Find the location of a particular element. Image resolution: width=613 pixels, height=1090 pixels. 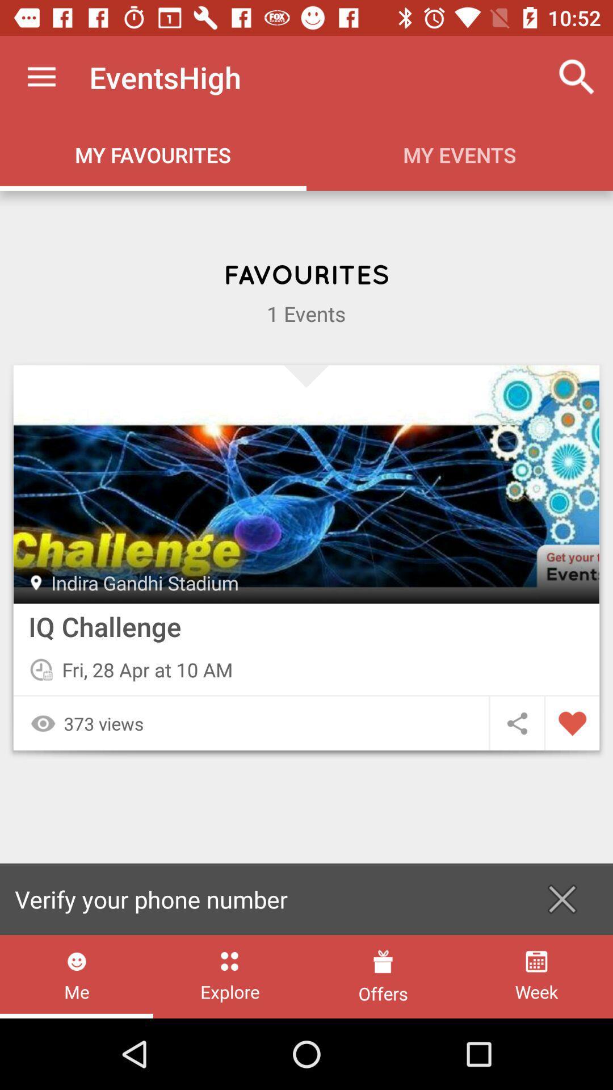

me icon is located at coordinates (77, 976).